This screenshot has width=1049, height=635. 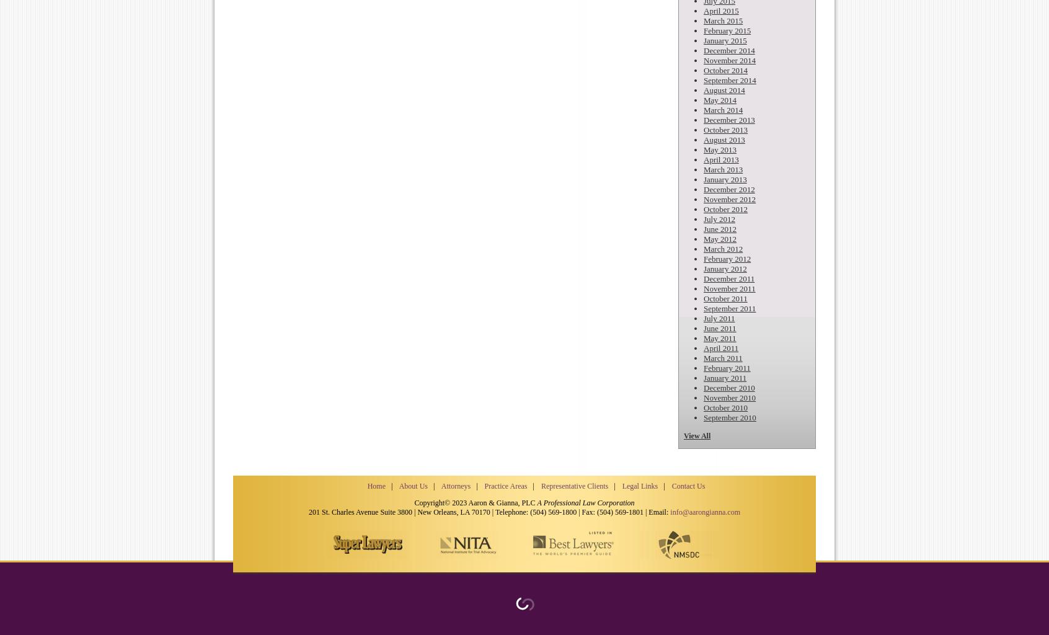 I want to click on 'June 2012', so click(x=719, y=229).